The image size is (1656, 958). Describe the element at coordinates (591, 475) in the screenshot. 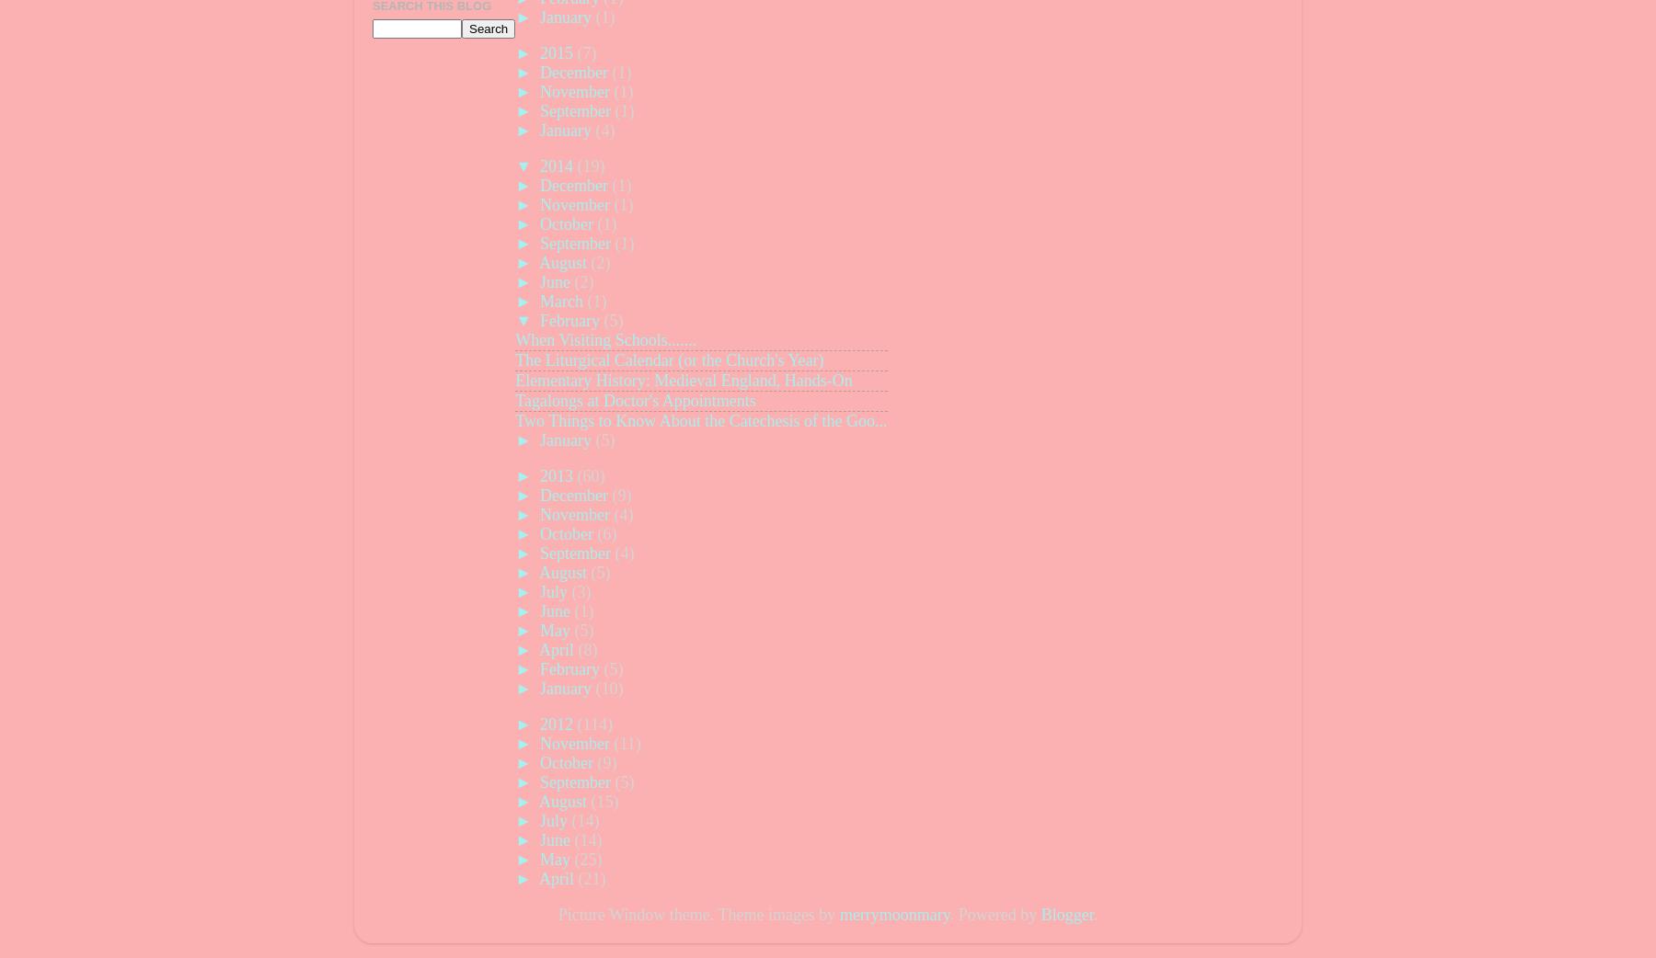

I see `'(60)'` at that location.